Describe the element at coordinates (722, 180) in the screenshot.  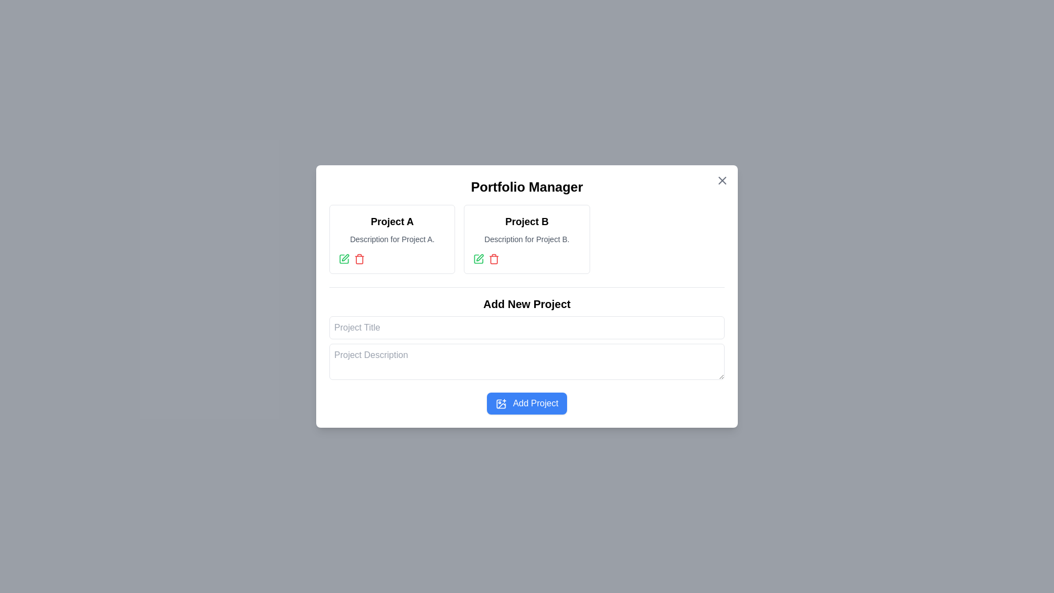
I see `the close button located in the top-right corner of the 'Portfolio Manager' modal` at that location.